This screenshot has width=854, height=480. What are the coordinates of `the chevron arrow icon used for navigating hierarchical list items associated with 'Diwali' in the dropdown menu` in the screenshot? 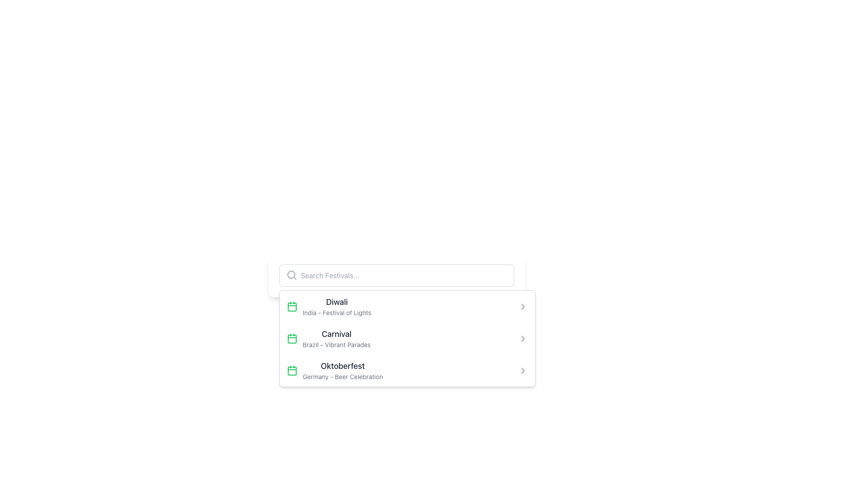 It's located at (523, 306).